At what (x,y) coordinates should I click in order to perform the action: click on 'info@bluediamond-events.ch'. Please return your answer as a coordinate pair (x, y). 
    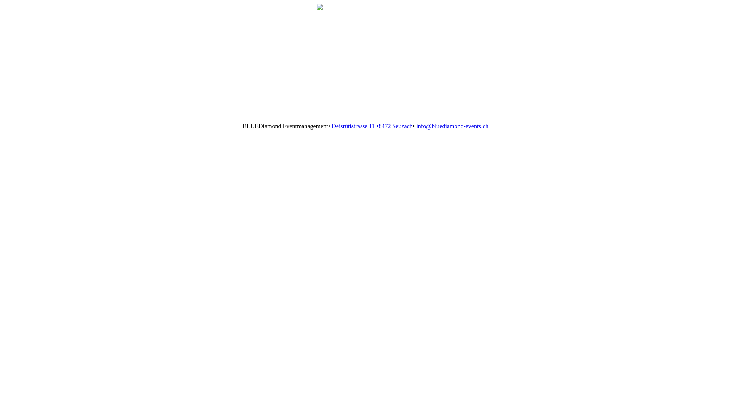
    Looking at the image, I should click on (451, 126).